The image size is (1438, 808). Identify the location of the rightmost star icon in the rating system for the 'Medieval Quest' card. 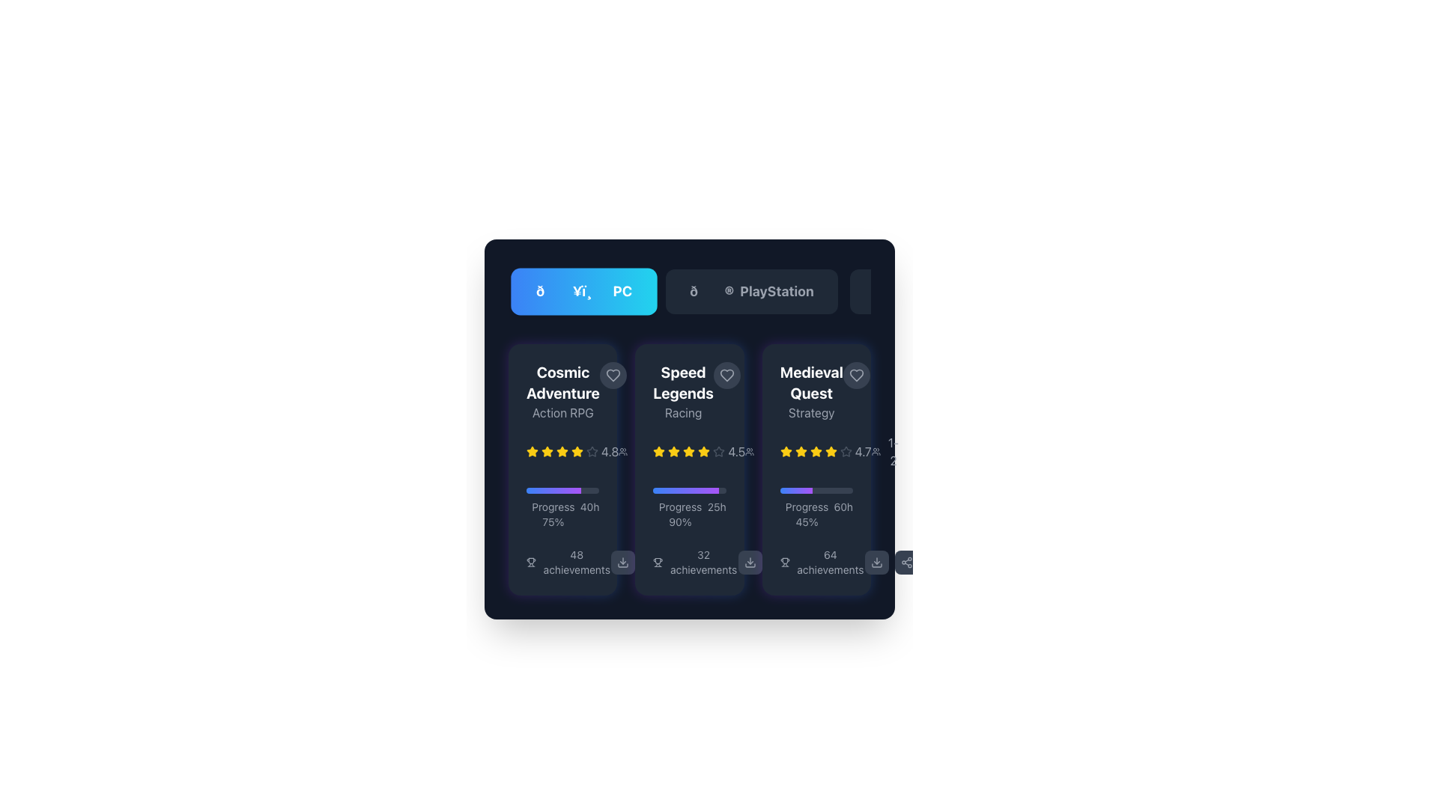
(846, 450).